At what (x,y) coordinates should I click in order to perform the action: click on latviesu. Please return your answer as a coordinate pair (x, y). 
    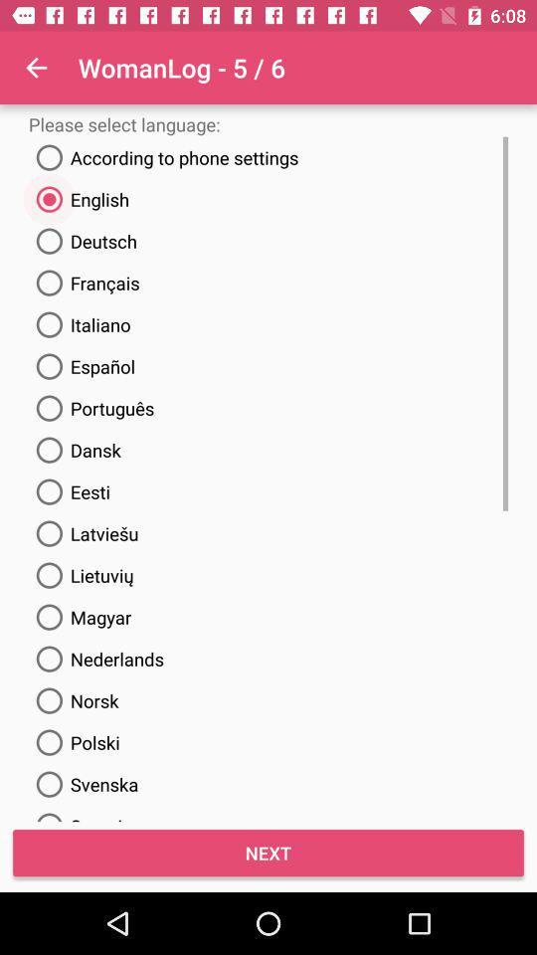
    Looking at the image, I should click on (83, 533).